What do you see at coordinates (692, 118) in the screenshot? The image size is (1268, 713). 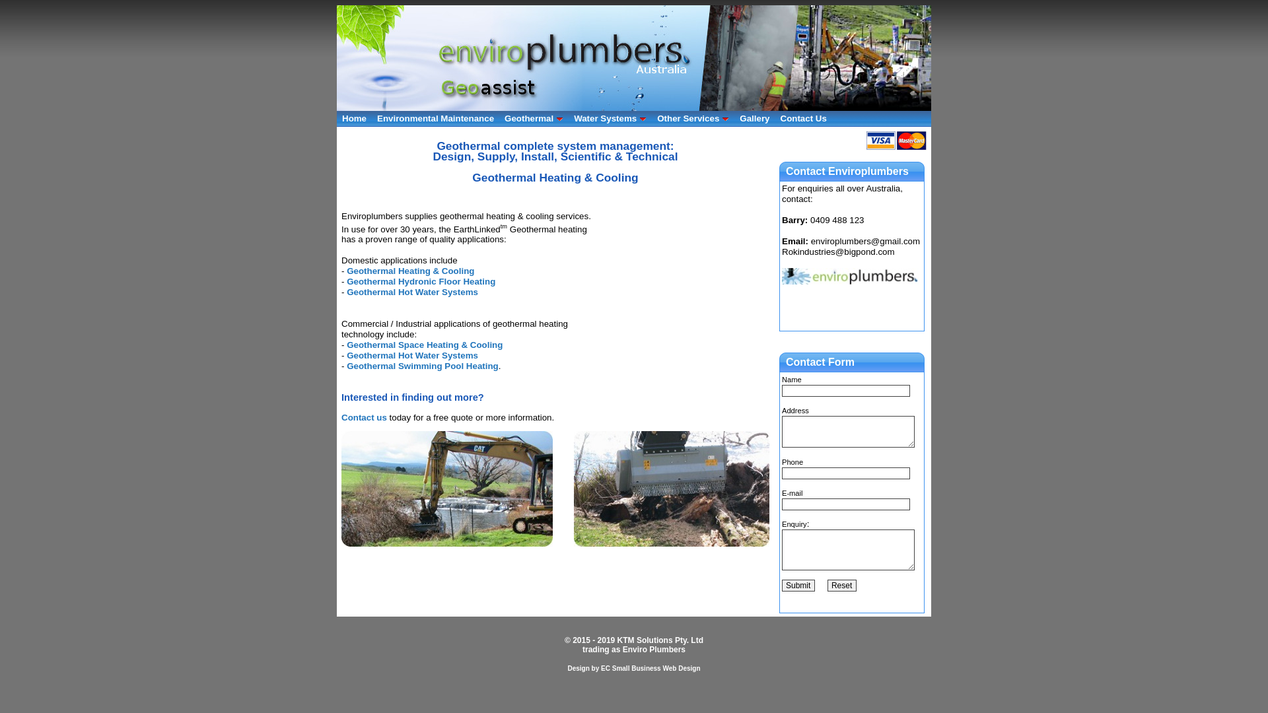 I see `'Other Services'` at bounding box center [692, 118].